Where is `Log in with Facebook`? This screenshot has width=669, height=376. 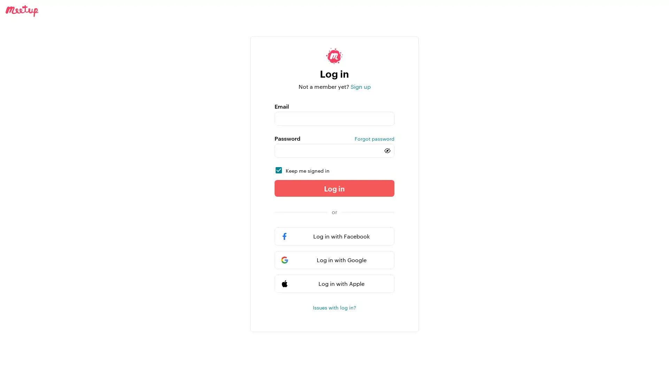 Log in with Facebook is located at coordinates (334, 236).